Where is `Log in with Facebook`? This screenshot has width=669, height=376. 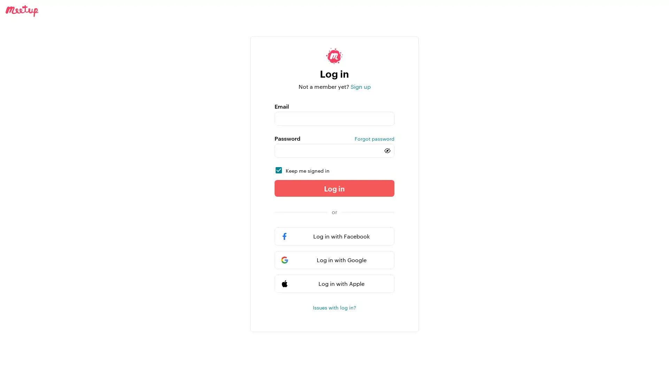 Log in with Facebook is located at coordinates (334, 236).